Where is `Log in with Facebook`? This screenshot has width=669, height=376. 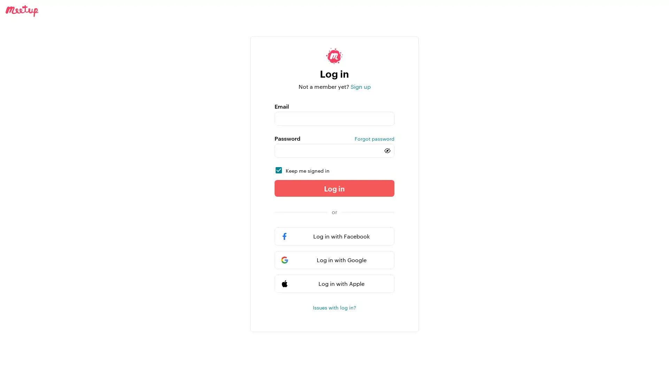 Log in with Facebook is located at coordinates (334, 236).